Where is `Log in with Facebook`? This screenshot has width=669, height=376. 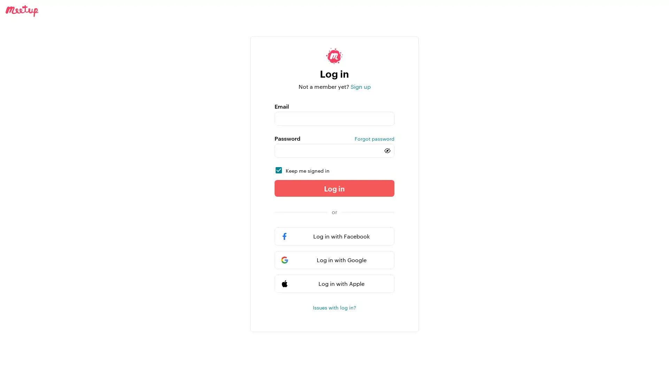 Log in with Facebook is located at coordinates (334, 236).